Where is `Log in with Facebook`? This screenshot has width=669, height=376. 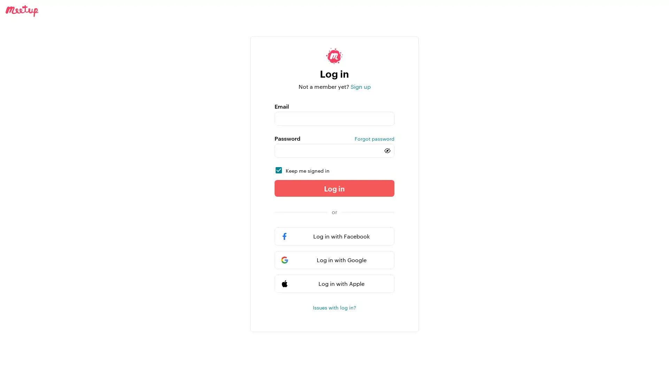 Log in with Facebook is located at coordinates (334, 236).